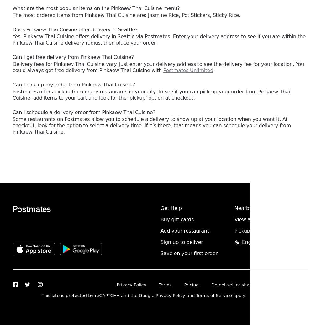  I want to click on 'and', so click(190, 296).